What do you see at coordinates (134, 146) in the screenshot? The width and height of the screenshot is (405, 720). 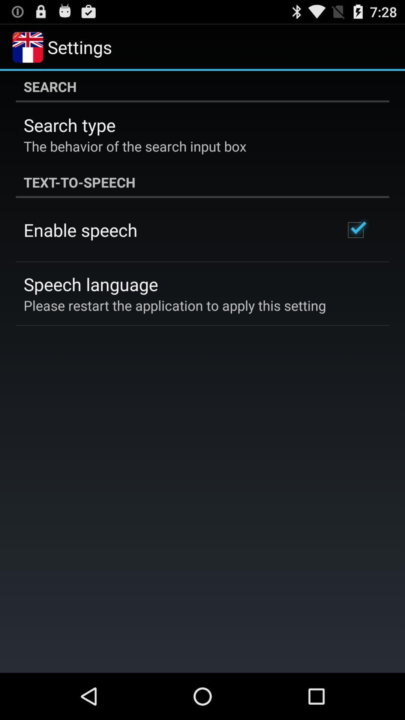 I see `the the behavior of icon` at bounding box center [134, 146].